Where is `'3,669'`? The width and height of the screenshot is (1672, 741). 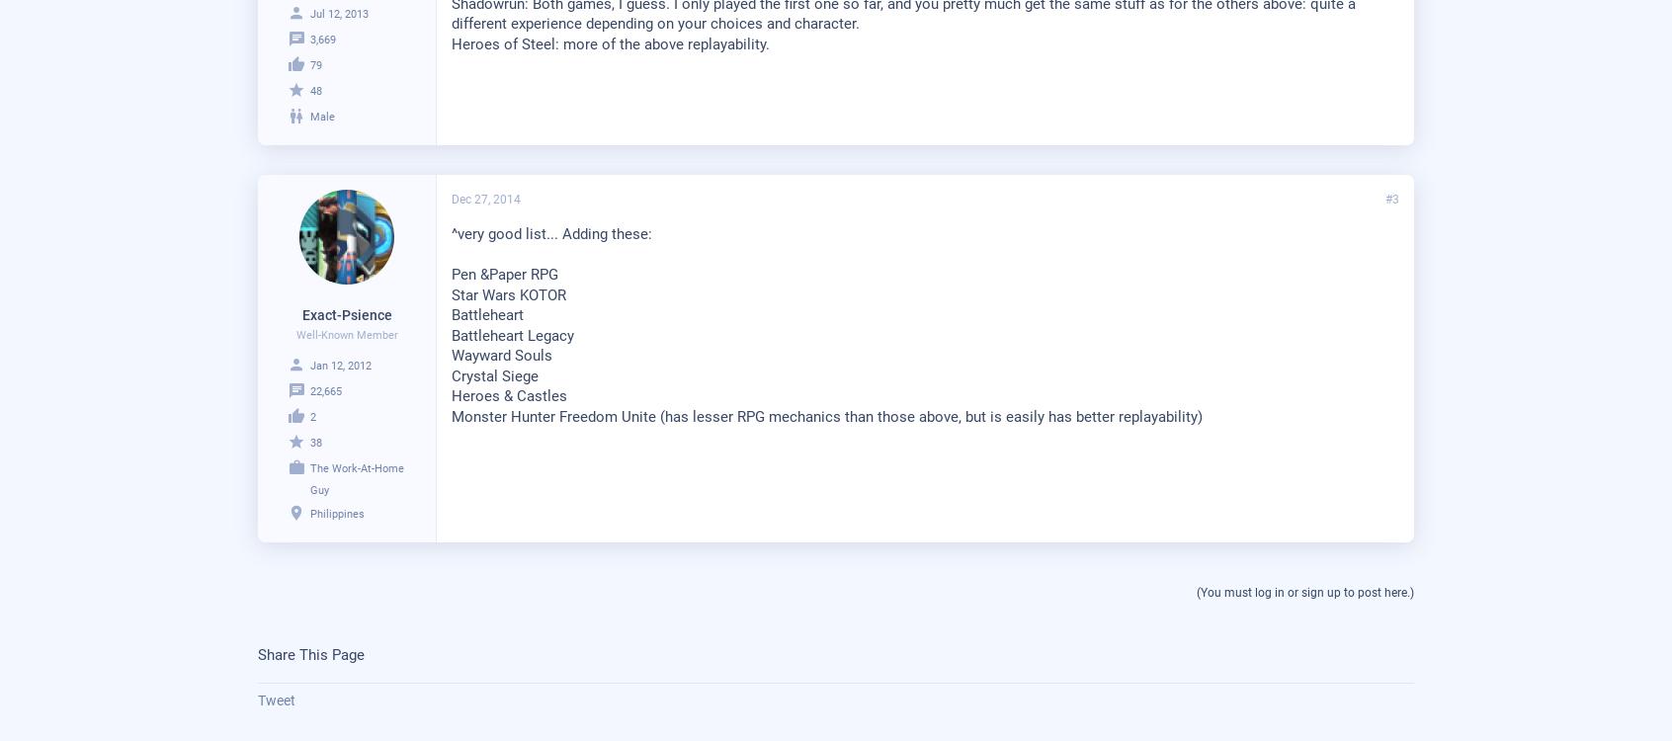 '3,669' is located at coordinates (322, 39).